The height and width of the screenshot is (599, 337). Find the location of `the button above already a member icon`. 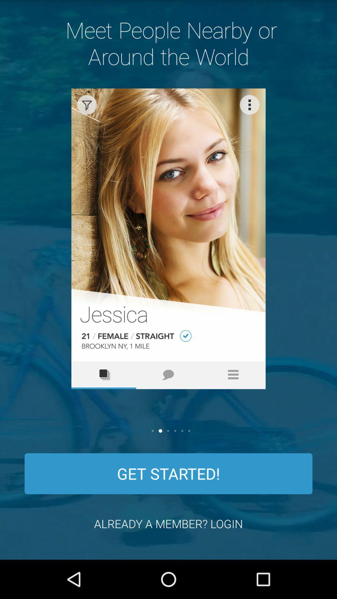

the button above already a member icon is located at coordinates (168, 474).